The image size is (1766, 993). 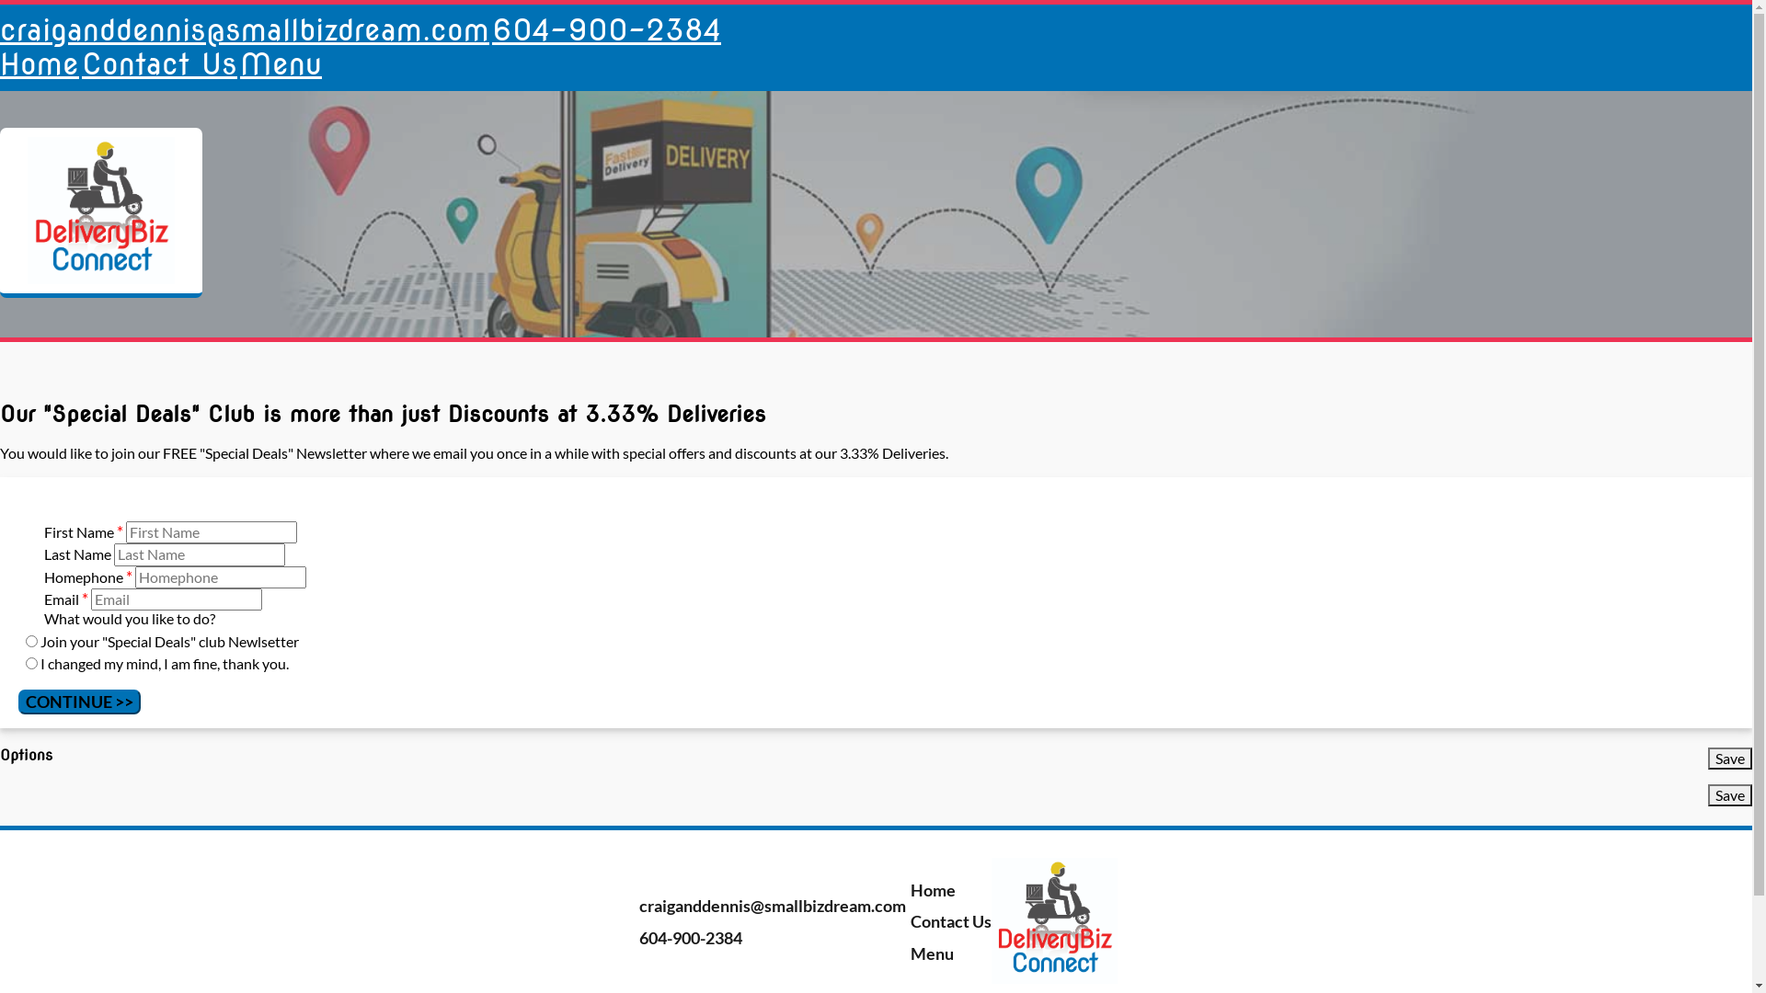 I want to click on 'This field cannot be blank.', so click(x=177, y=599).